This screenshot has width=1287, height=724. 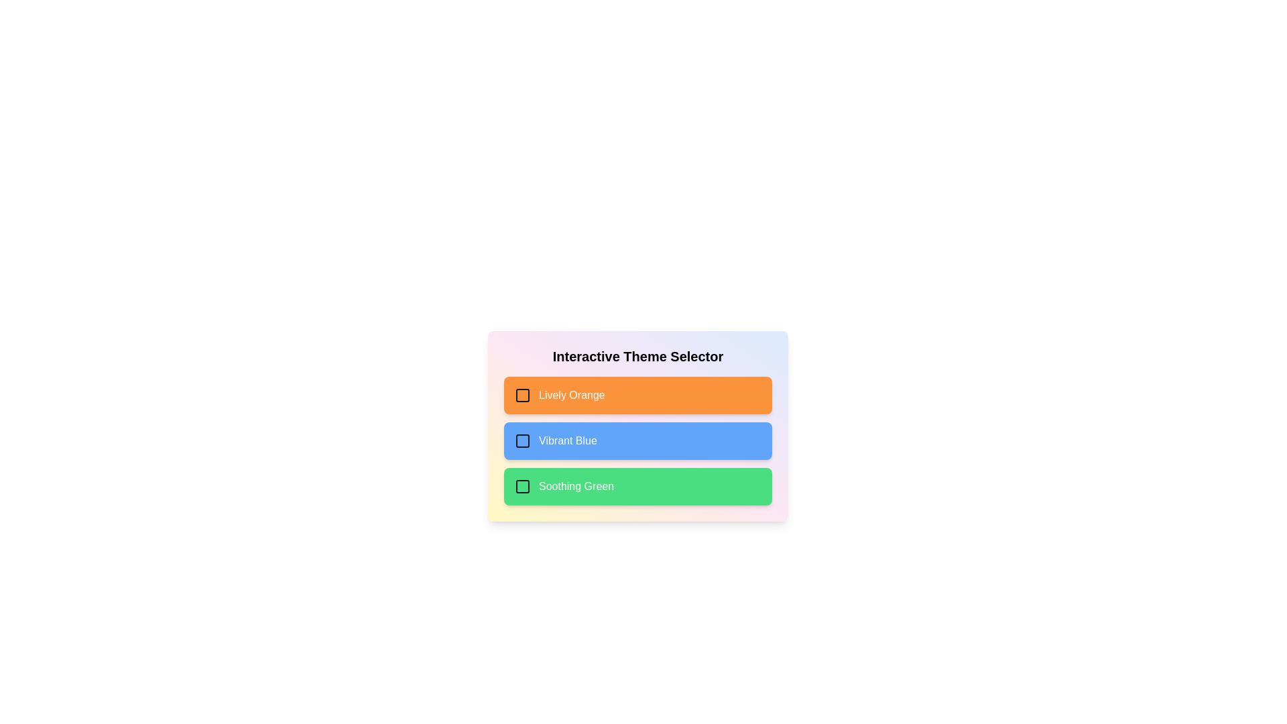 What do you see at coordinates (522, 395) in the screenshot?
I see `the checkbox labeled Lively Orange` at bounding box center [522, 395].